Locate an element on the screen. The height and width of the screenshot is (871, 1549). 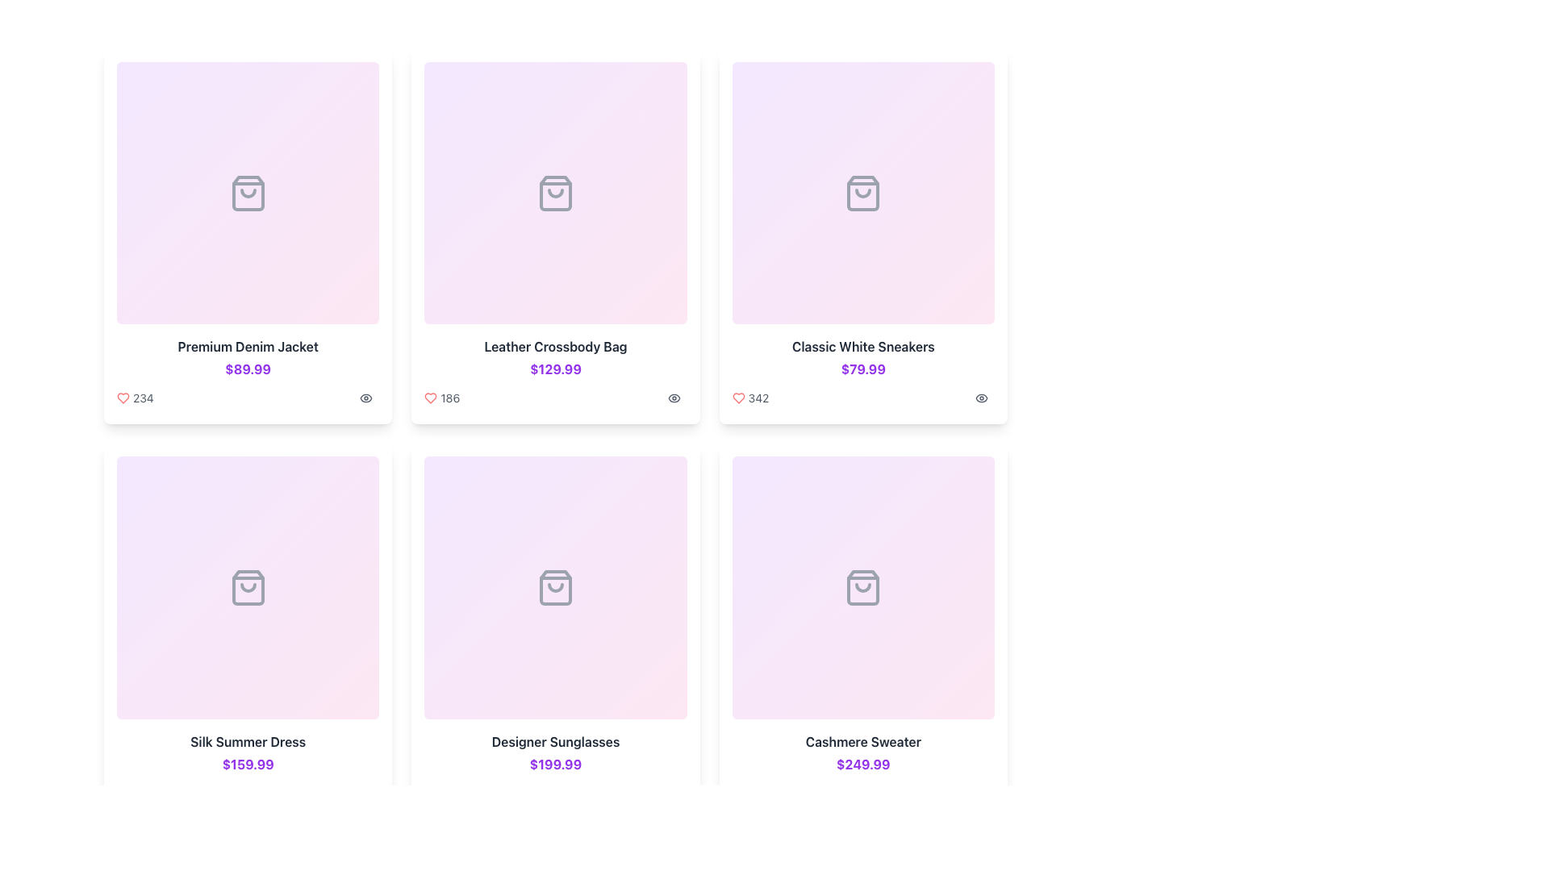
the price text label located beneath the product title in the product card for the 'Premium Denim Jacket' is located at coordinates (247, 369).